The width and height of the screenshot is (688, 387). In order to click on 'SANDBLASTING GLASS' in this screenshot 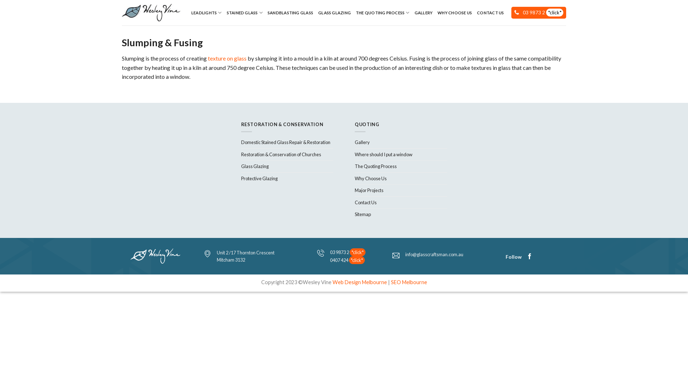, I will do `click(290, 13)`.